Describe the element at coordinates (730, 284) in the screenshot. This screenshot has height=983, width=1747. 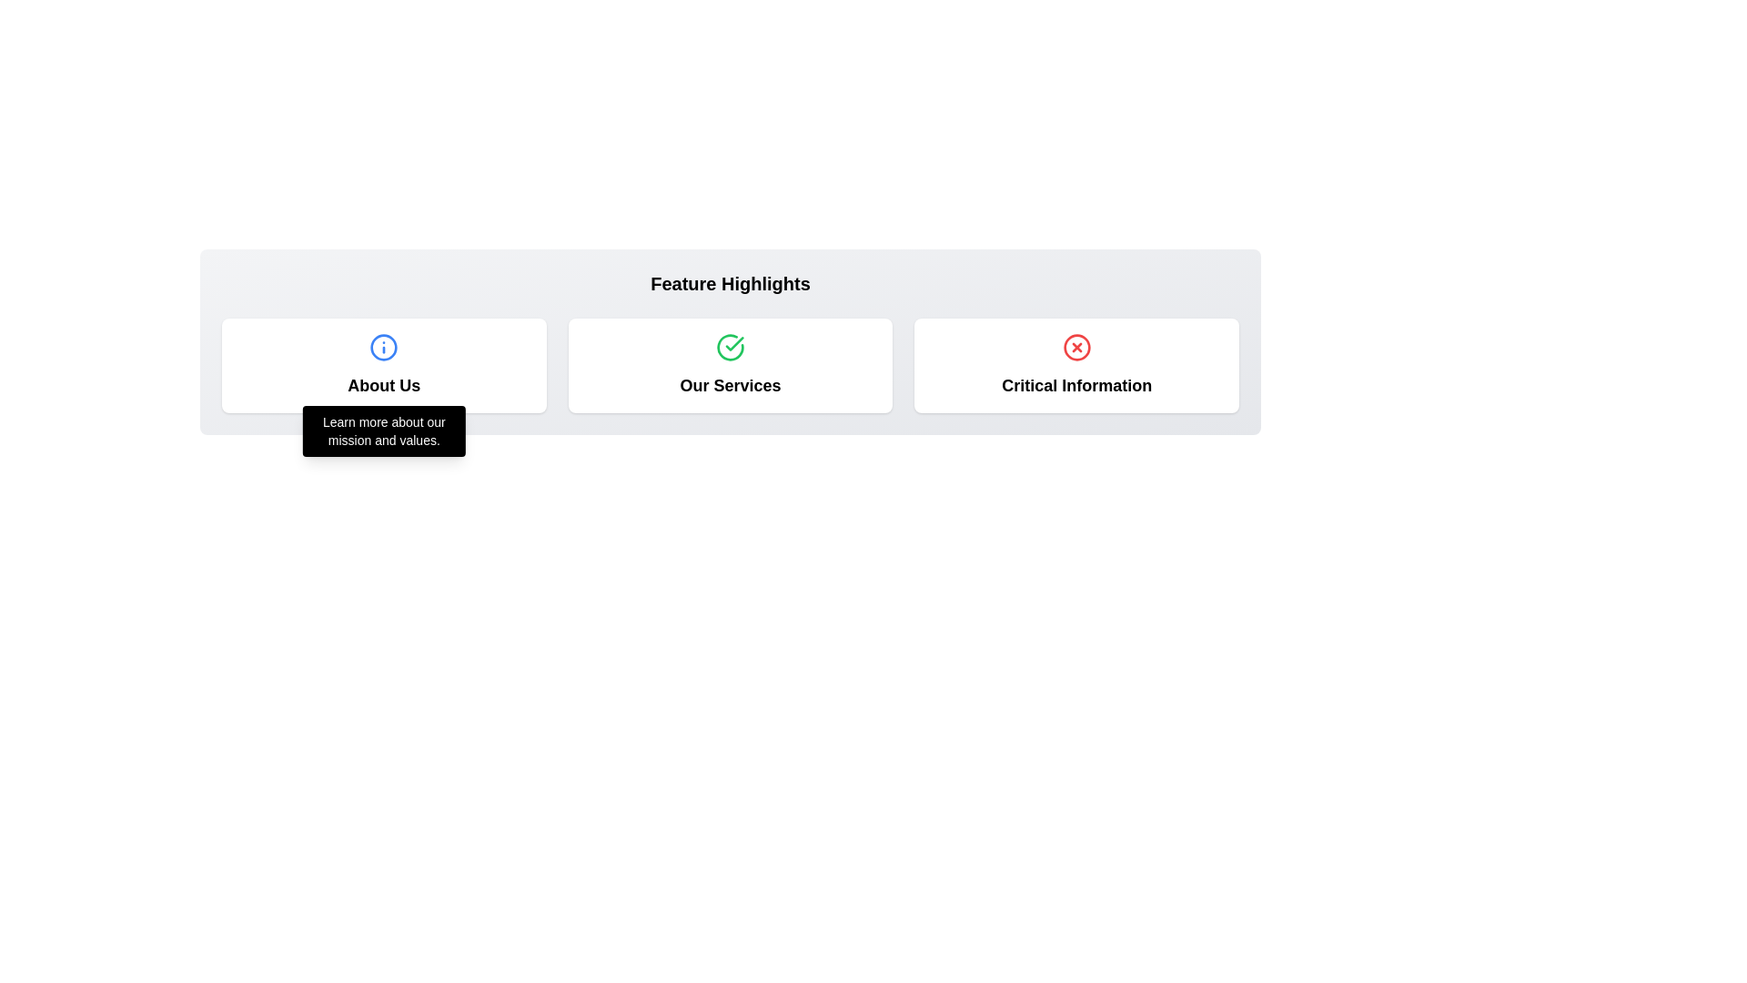
I see `the bold, centrally aligned headline text label 'Feature Highlights' located at the top-center of the card-like section` at that location.